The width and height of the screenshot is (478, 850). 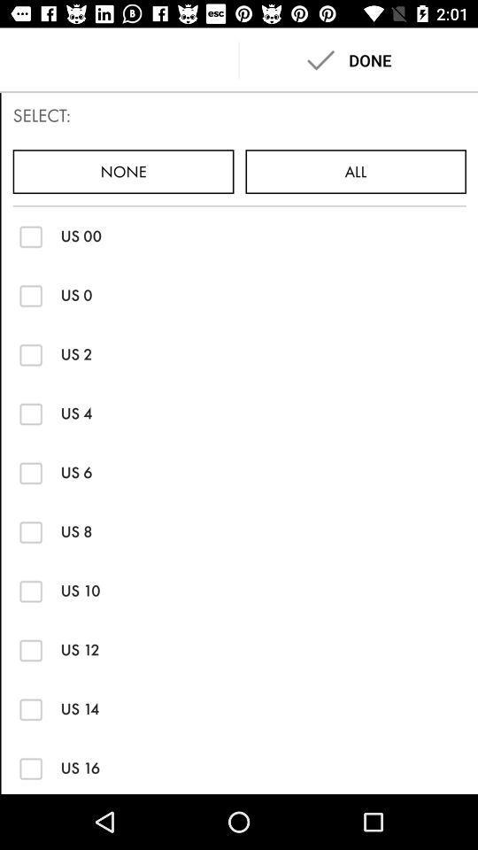 I want to click on us 10, so click(x=31, y=591).